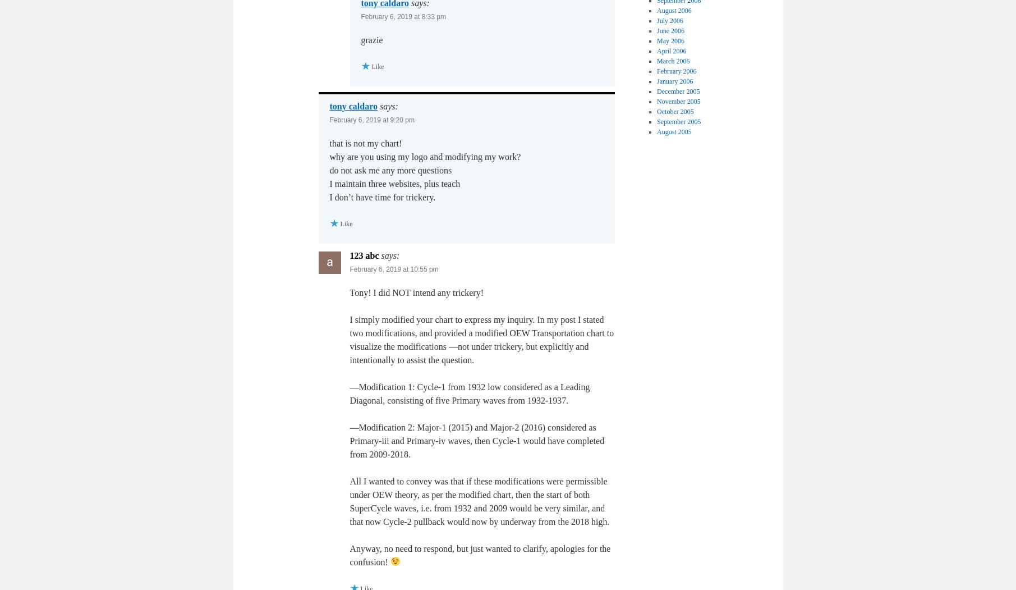  I want to click on 'November 2005', so click(678, 101).